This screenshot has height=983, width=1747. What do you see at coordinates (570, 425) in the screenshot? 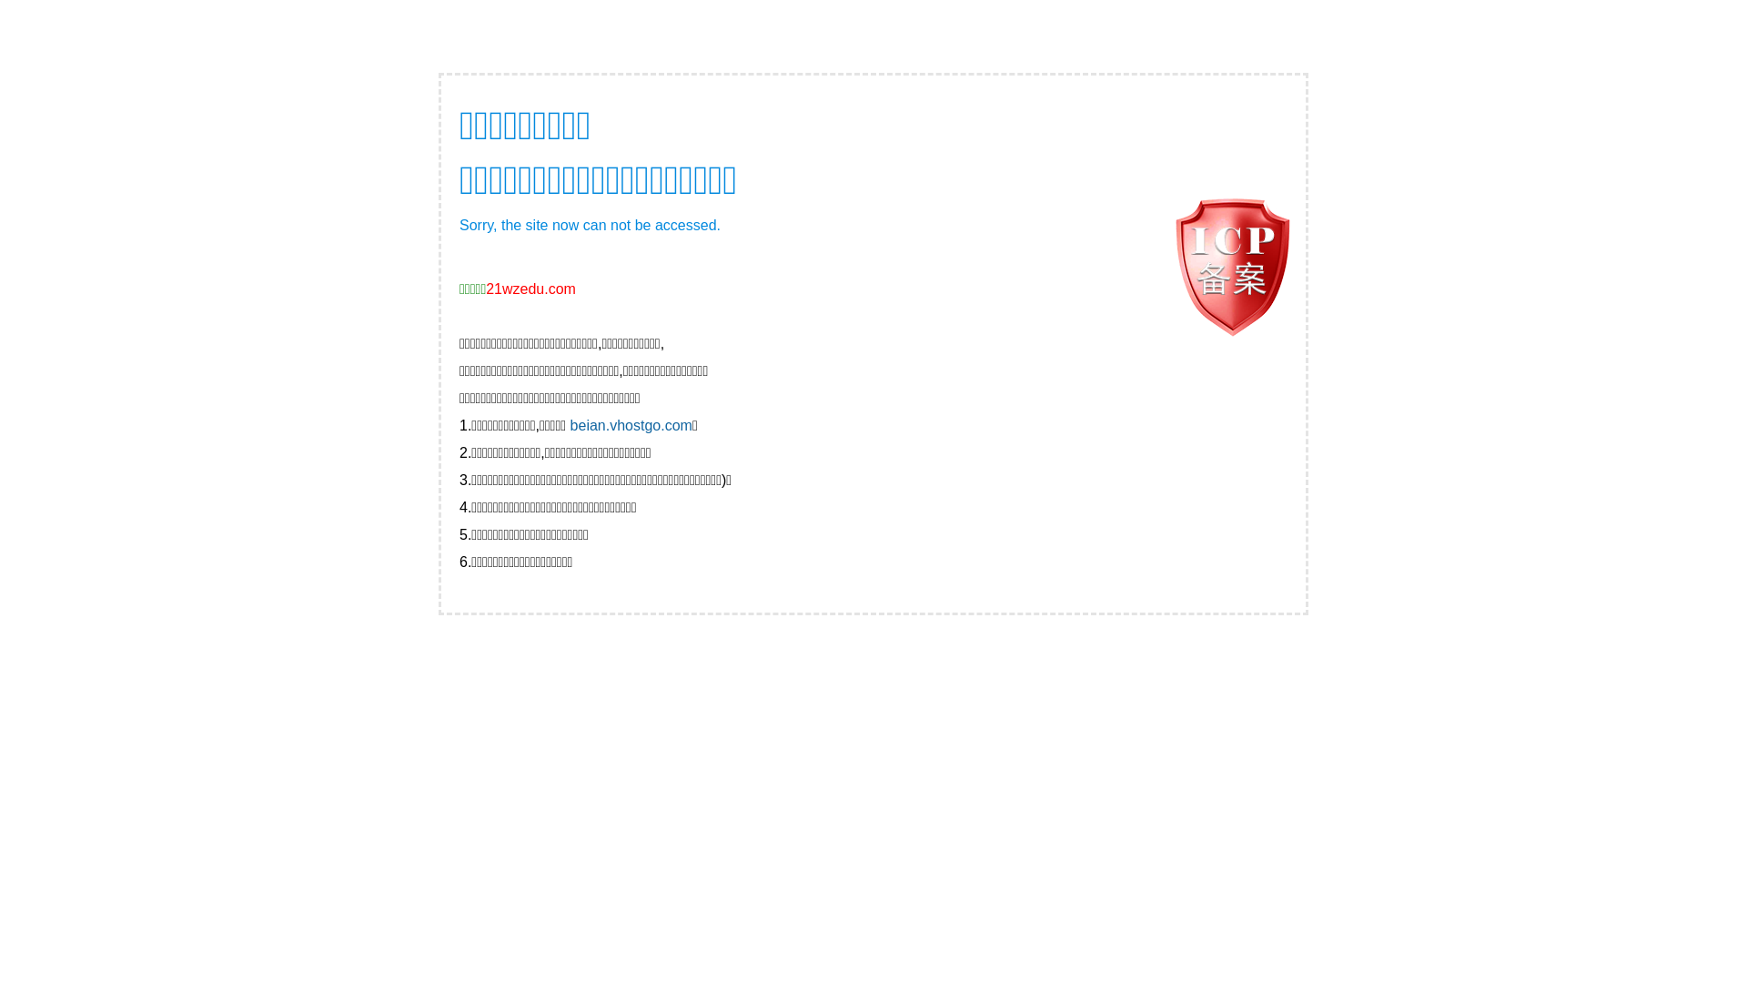
I see `'beian.vhostgo.com'` at bounding box center [570, 425].